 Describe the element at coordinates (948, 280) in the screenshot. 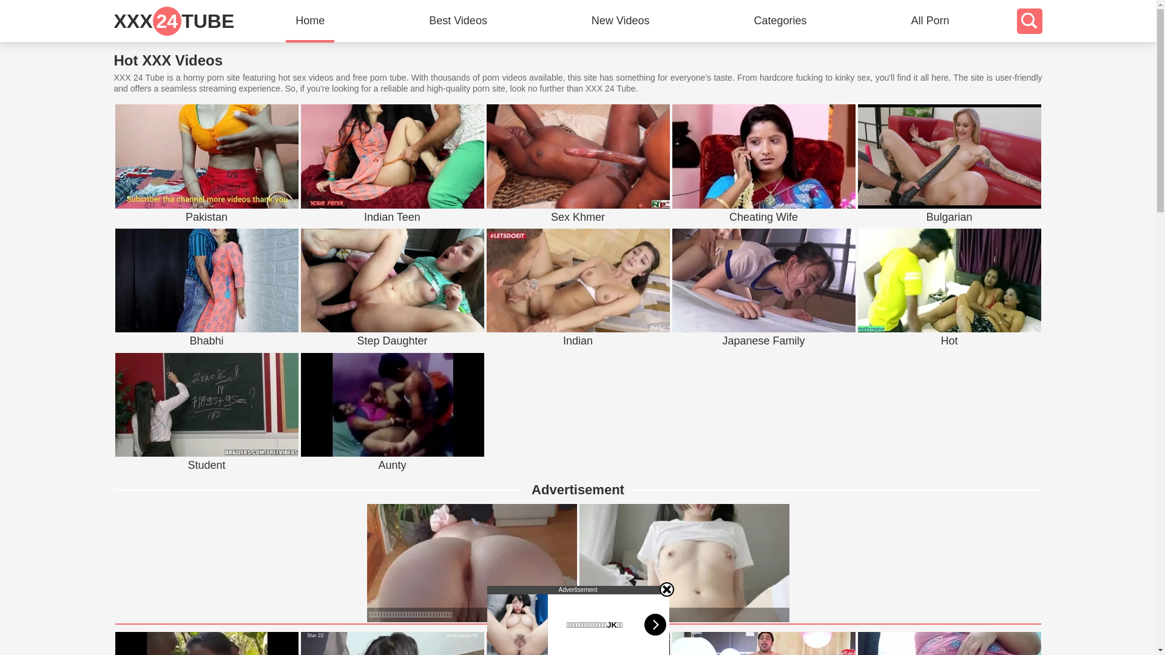

I see `'Hot'` at that location.